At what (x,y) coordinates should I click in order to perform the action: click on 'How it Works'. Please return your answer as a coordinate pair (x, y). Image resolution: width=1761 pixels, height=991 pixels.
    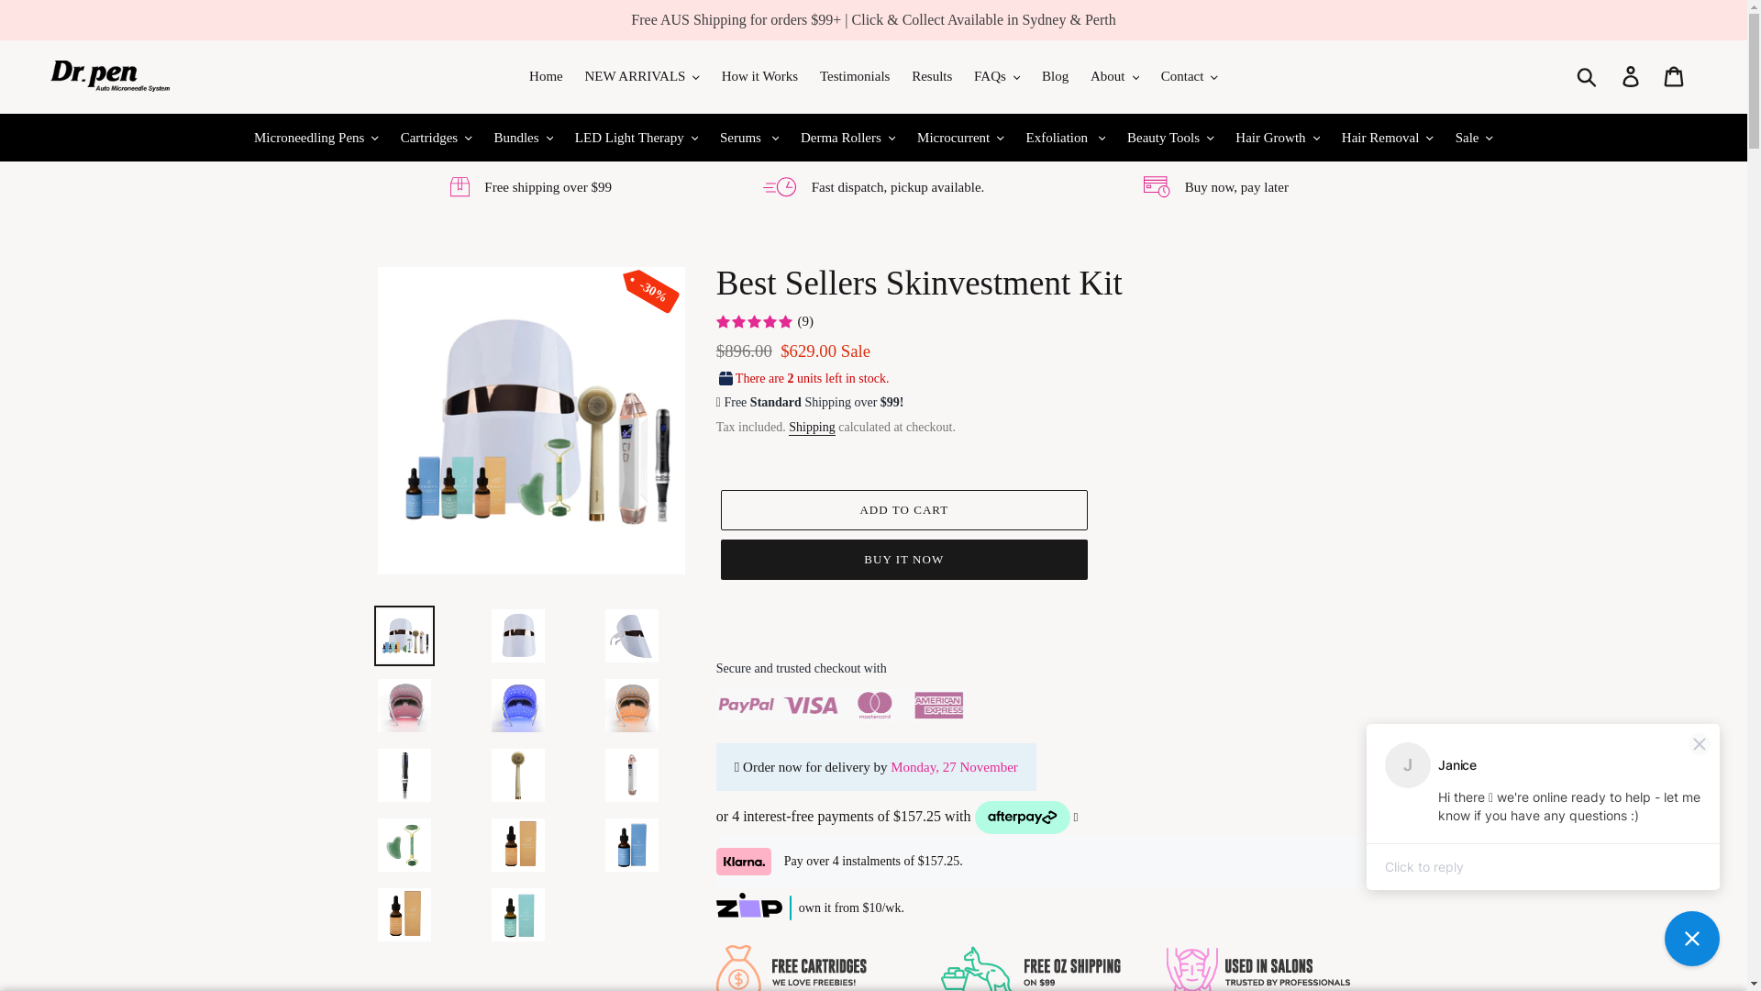
    Looking at the image, I should click on (760, 75).